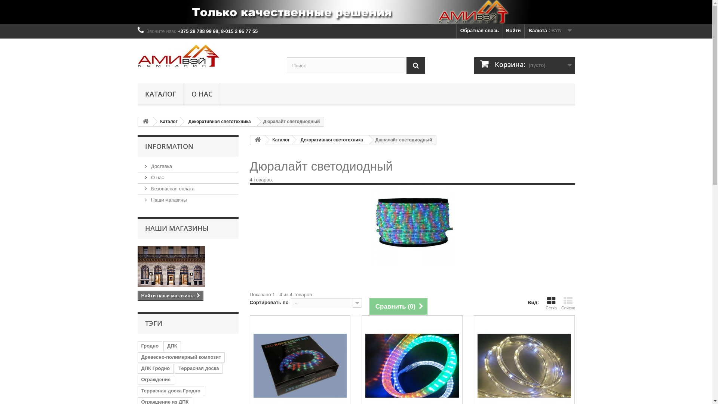  I want to click on 'INFORMATION', so click(169, 146).